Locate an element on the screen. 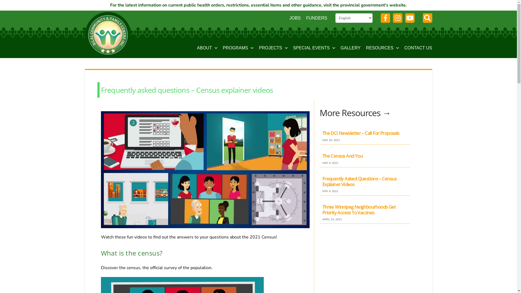 The image size is (521, 293). 'PROGRAMS' is located at coordinates (238, 48).